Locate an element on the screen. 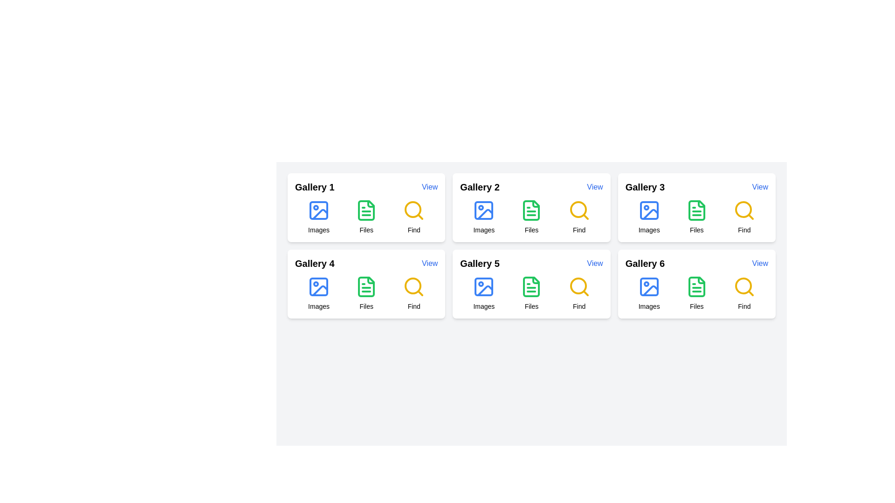 This screenshot has height=503, width=895. the 'Files' icon located in the 'Gallery 5' section is located at coordinates (531, 286).